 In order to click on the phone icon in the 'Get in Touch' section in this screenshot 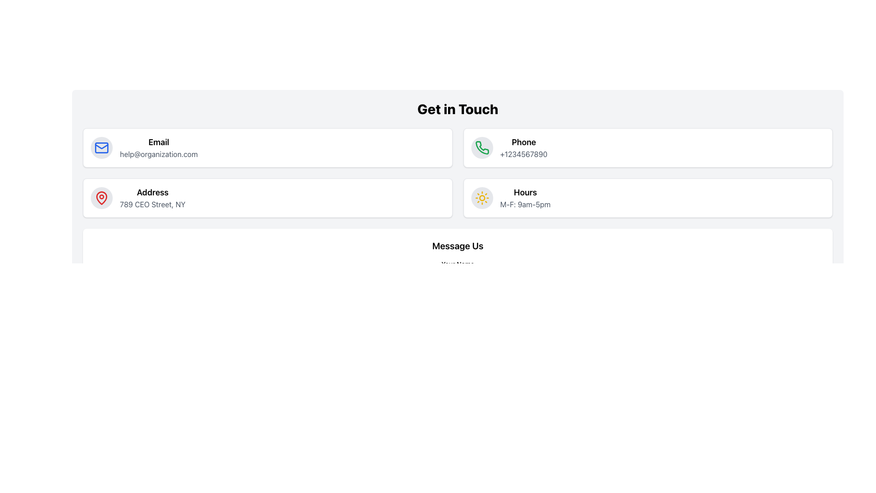, I will do `click(481, 147)`.